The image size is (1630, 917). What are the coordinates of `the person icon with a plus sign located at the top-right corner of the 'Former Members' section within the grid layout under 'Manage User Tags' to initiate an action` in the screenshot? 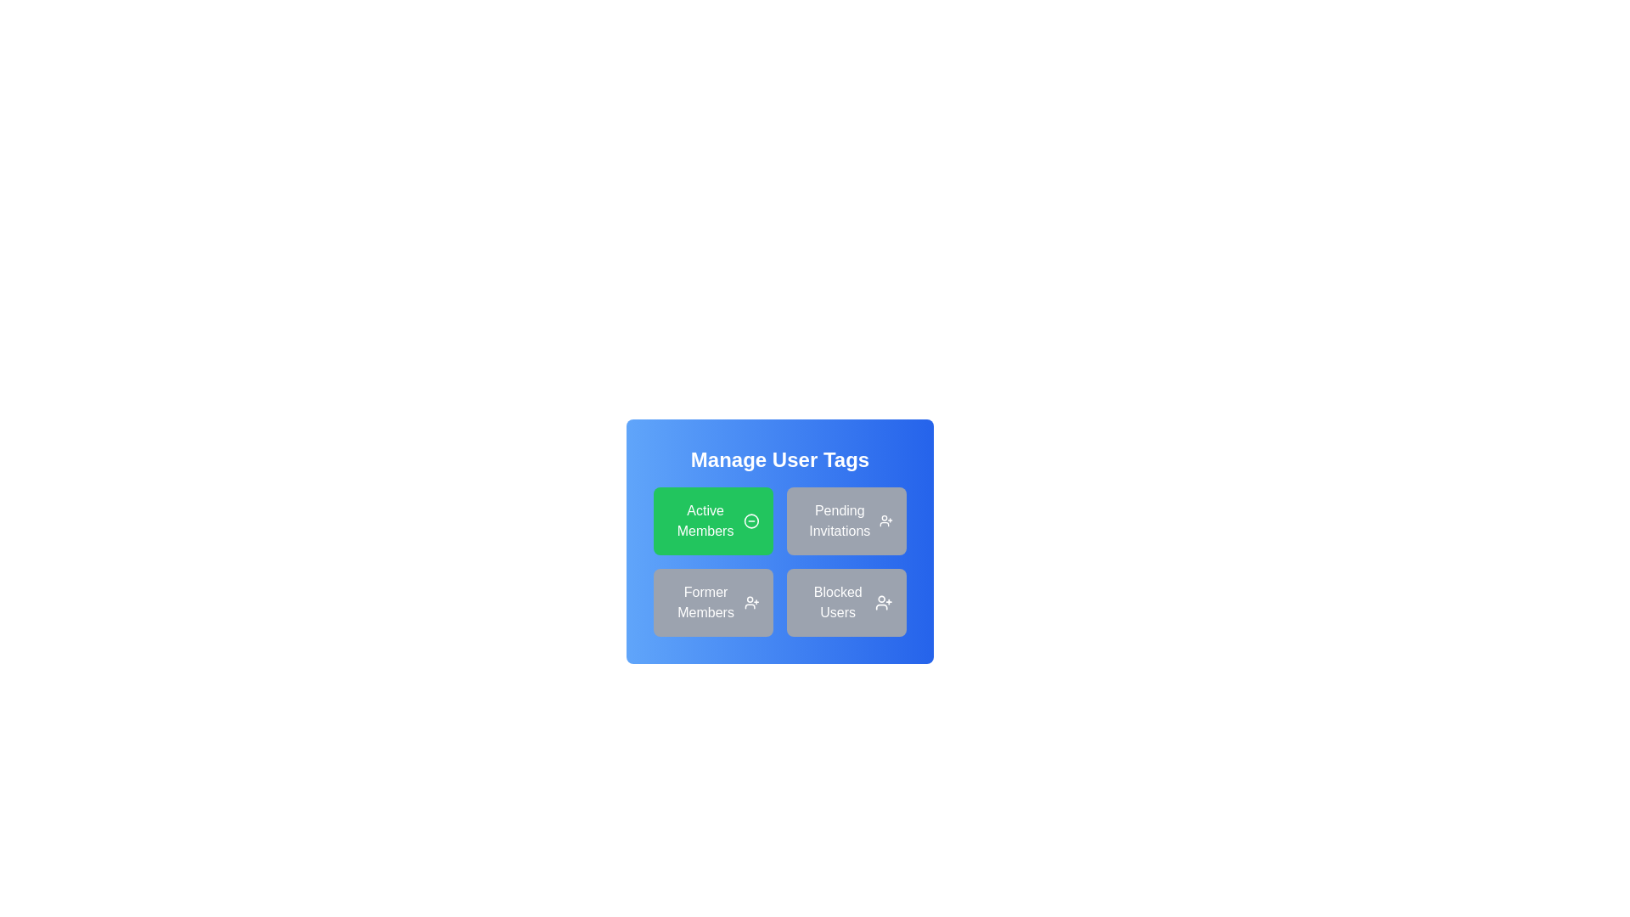 It's located at (751, 601).